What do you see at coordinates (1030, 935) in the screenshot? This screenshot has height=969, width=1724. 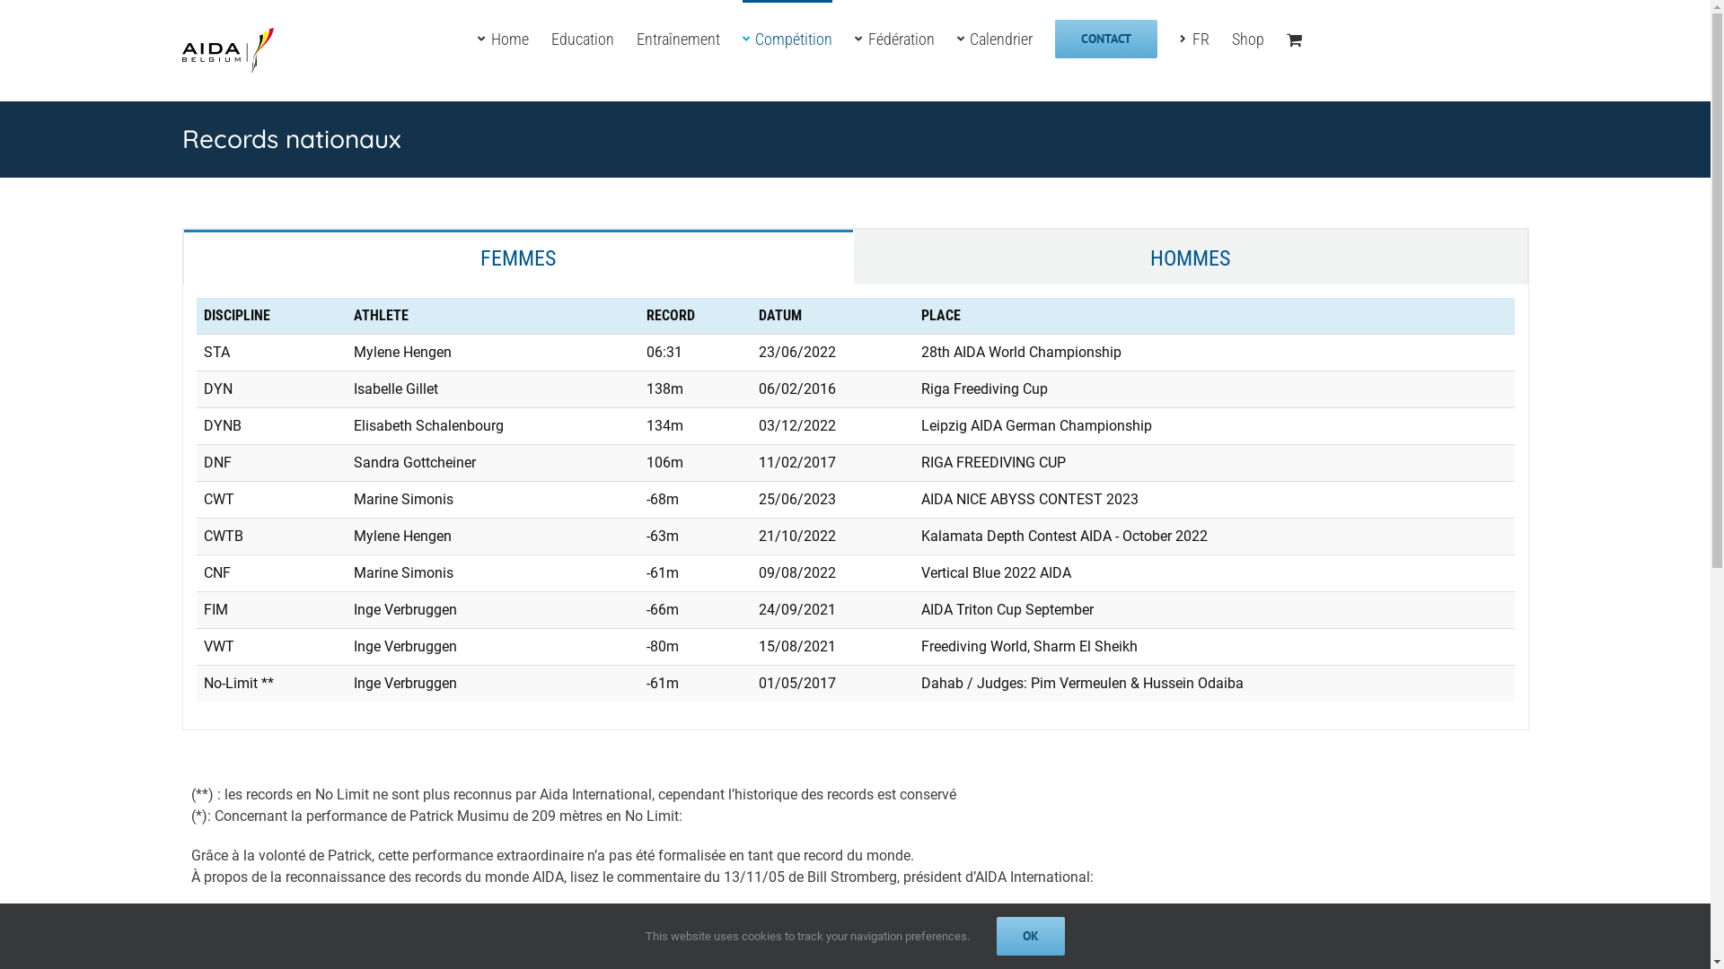 I see `'OK'` at bounding box center [1030, 935].